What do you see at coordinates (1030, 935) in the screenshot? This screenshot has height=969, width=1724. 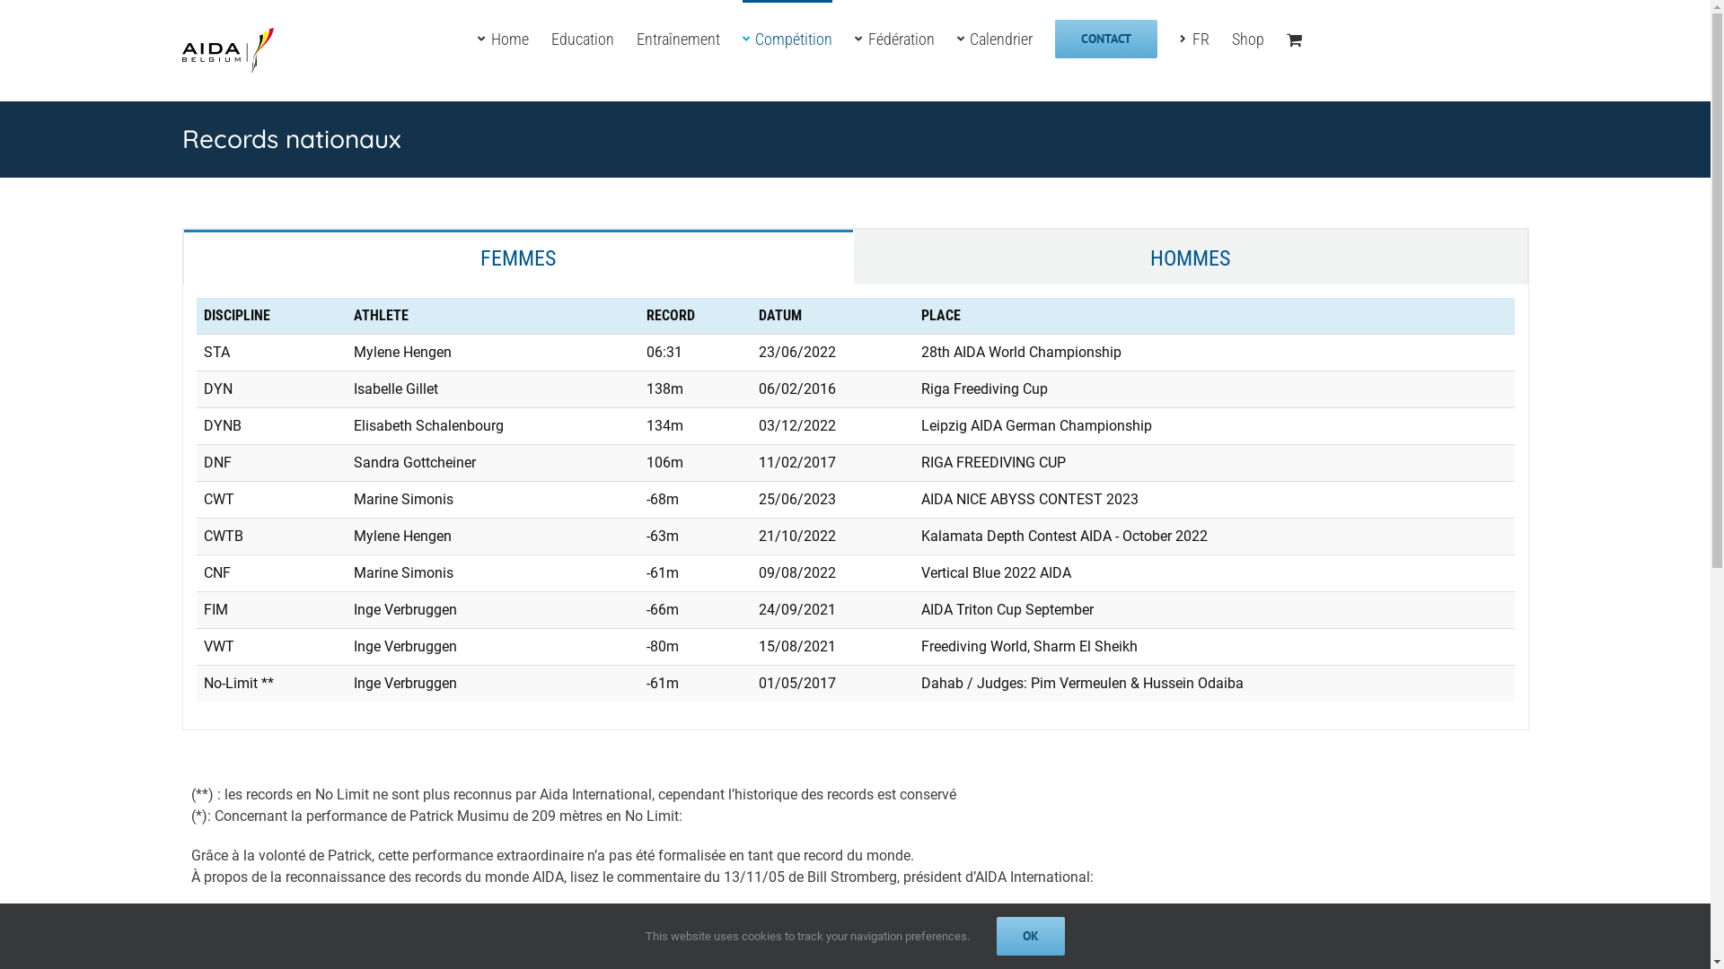 I see `'OK'` at bounding box center [1030, 935].